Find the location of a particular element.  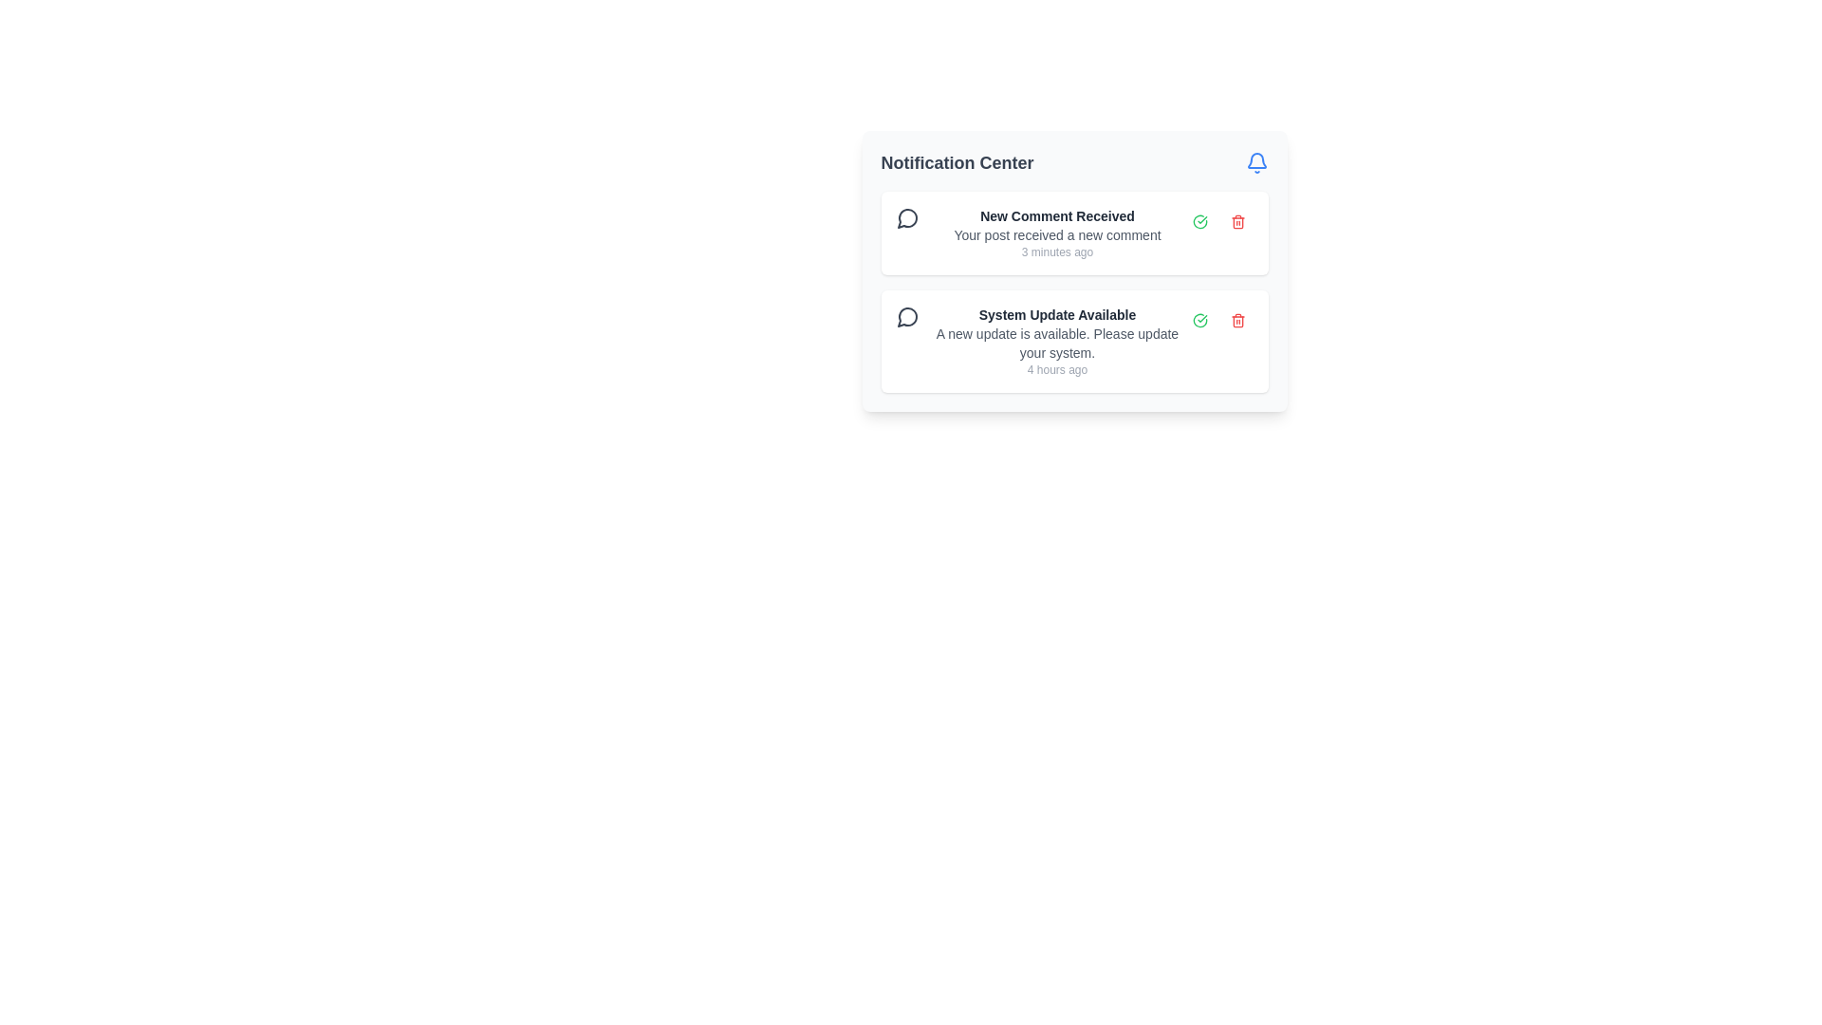

the notification icon indicating a new comment received, located in the top-left corner of the first notification entry is located at coordinates (906, 217).